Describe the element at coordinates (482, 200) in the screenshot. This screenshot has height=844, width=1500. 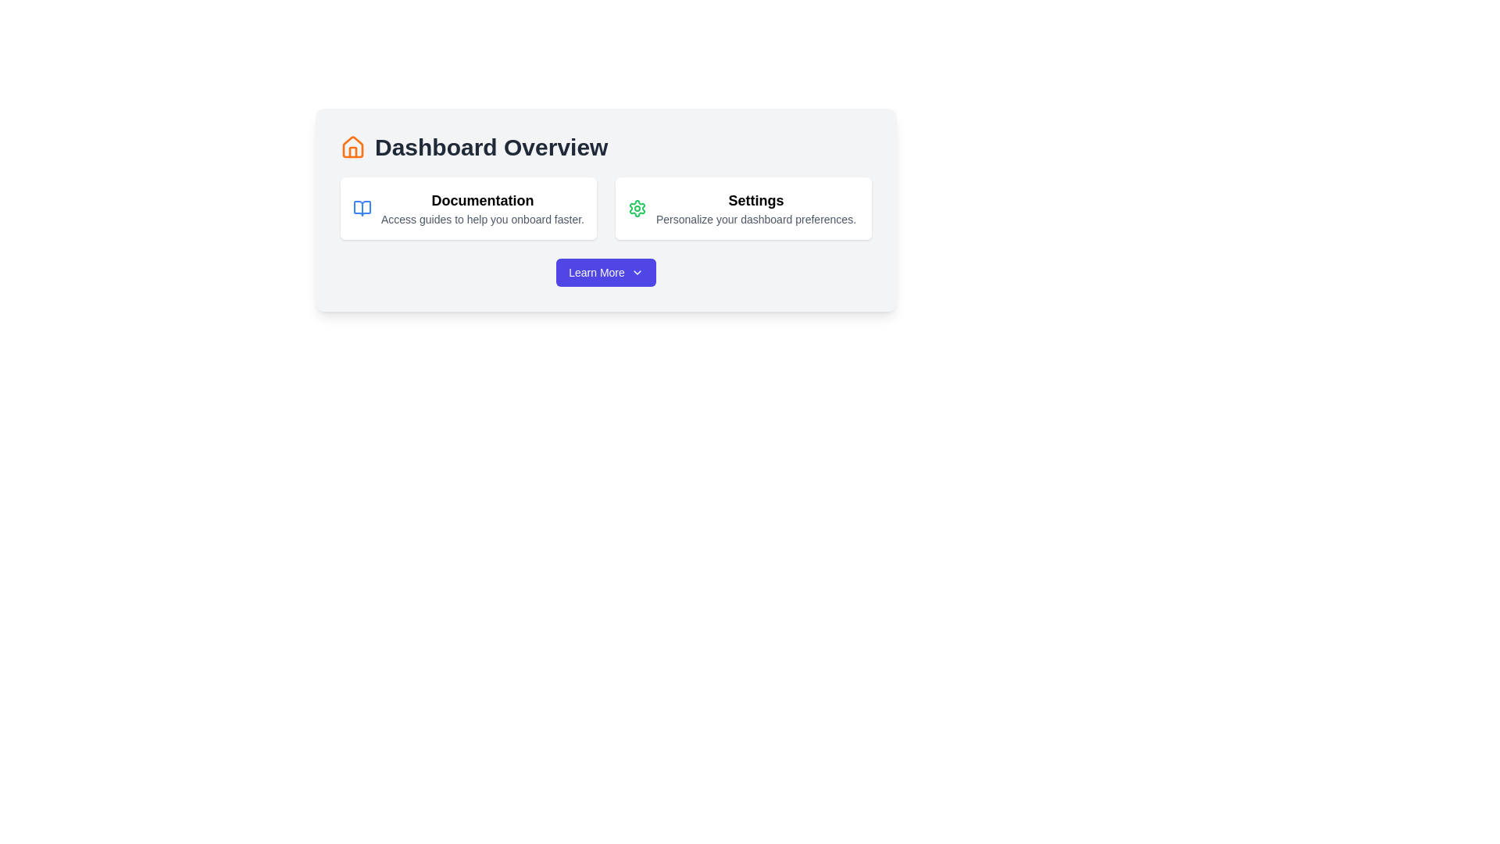
I see `the static text label styled as a section title for 'Documentation', located on the left side of the interface above the descriptive text` at that location.